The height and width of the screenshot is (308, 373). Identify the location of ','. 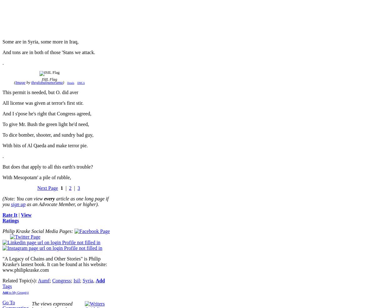
(93, 280).